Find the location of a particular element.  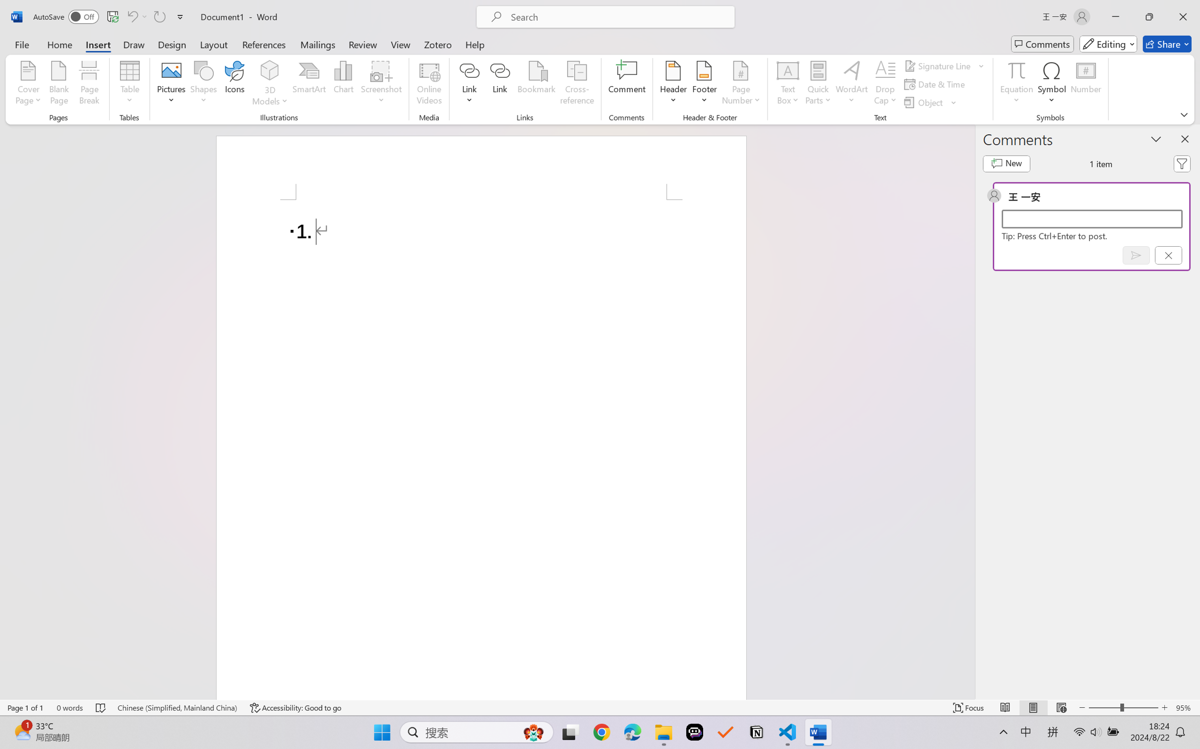

'Online Videos...' is located at coordinates (429, 84).